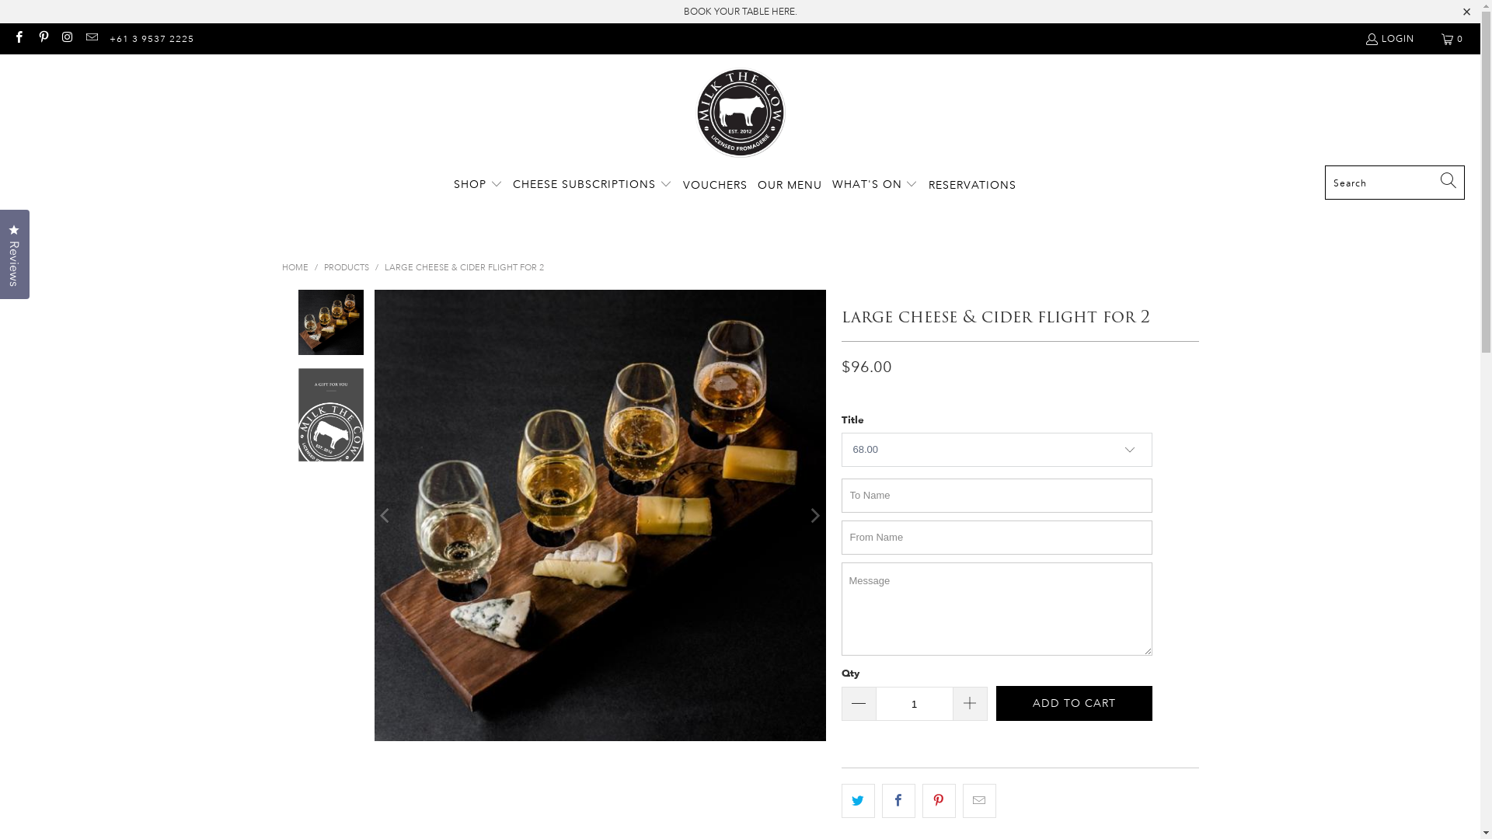 This screenshot has width=1492, height=839. What do you see at coordinates (978, 800) in the screenshot?
I see `'Email this to a friend'` at bounding box center [978, 800].